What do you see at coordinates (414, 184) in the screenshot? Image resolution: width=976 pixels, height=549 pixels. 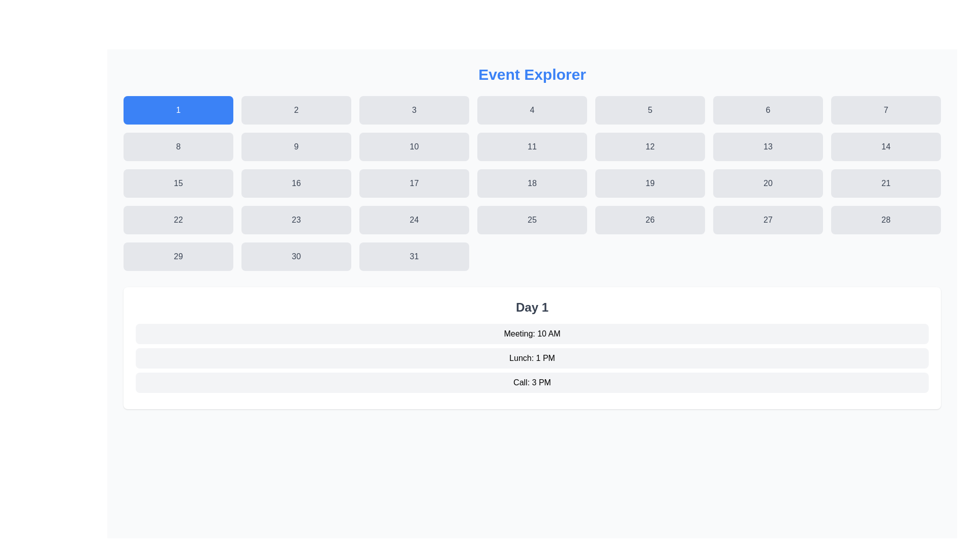 I see `the rectangular button labeled '17' with a light gray background and dark gray font` at bounding box center [414, 184].